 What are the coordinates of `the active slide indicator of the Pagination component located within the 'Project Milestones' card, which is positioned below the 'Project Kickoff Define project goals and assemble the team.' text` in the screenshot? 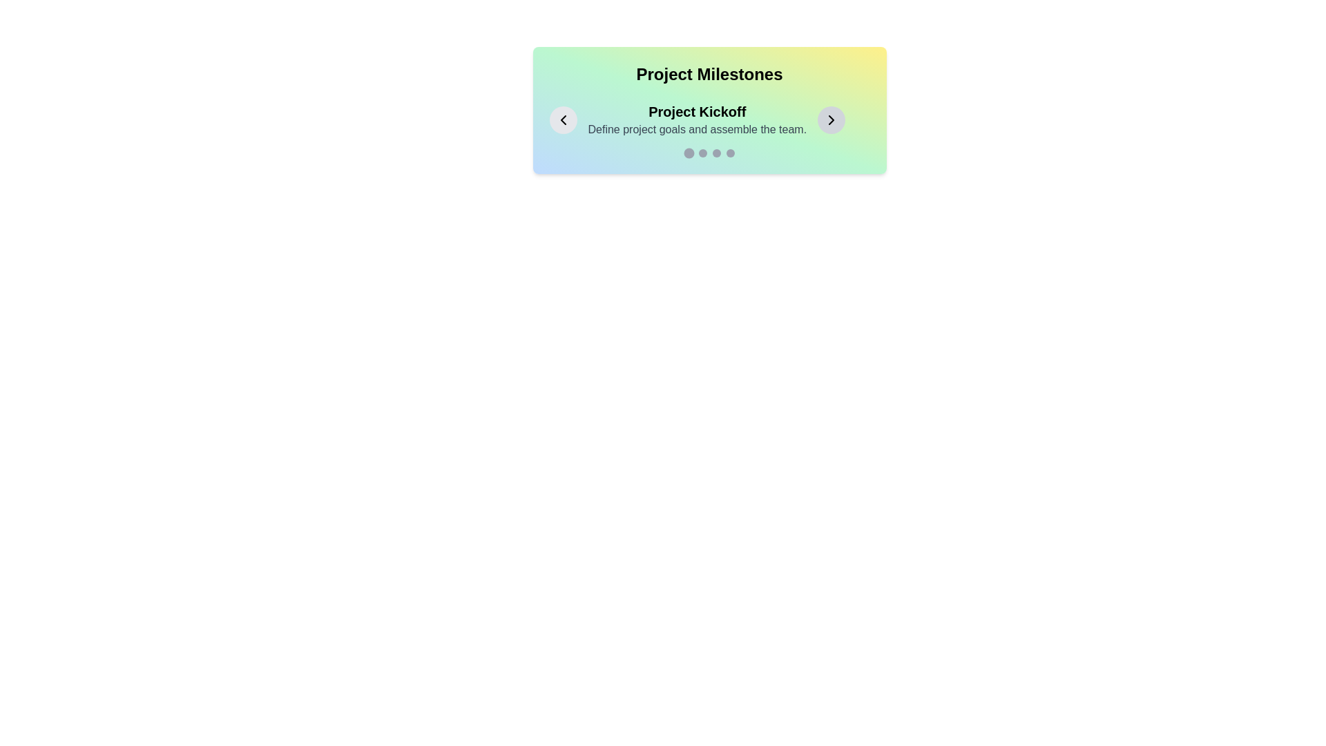 It's located at (709, 153).